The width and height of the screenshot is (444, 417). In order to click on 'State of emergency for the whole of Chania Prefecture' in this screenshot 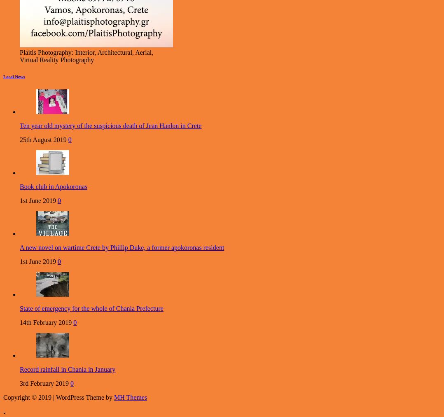, I will do `click(91, 308)`.